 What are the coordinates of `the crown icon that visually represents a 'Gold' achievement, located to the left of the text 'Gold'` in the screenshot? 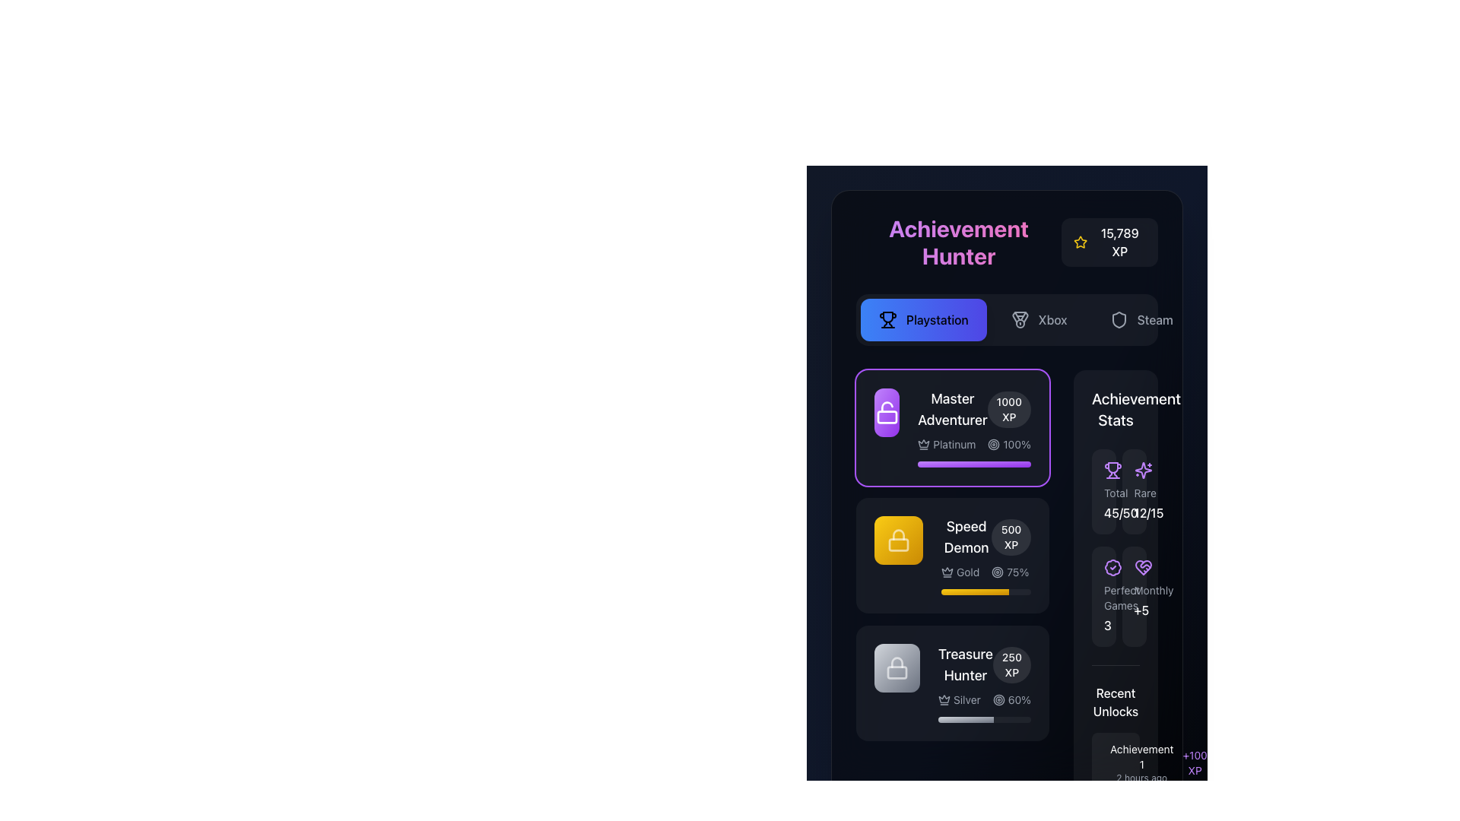 It's located at (947, 572).